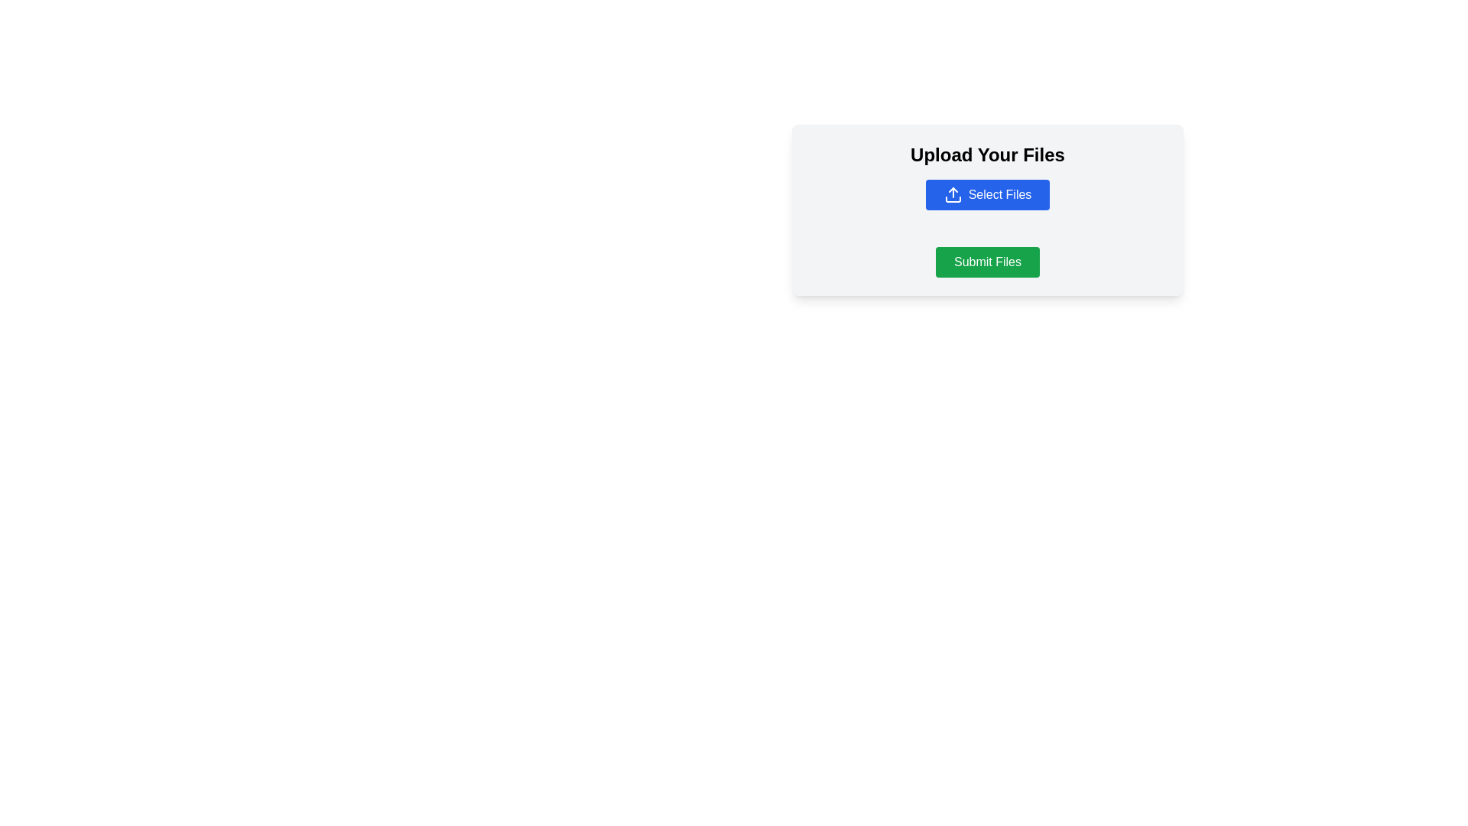 This screenshot has width=1468, height=826. What do you see at coordinates (987, 193) in the screenshot?
I see `the 'Select Files' button, which is a rectangular button with a blue background and white text, located below the heading 'Upload Your Files' and above the 'Submit Files' button` at bounding box center [987, 193].